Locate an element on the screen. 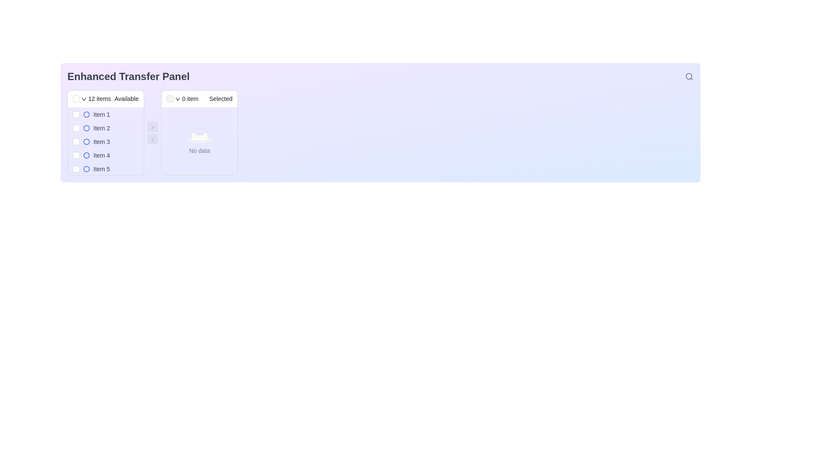  the fifth item in the 'Available' section of the transfer panel to enable keyboard interaction is located at coordinates (105, 169).